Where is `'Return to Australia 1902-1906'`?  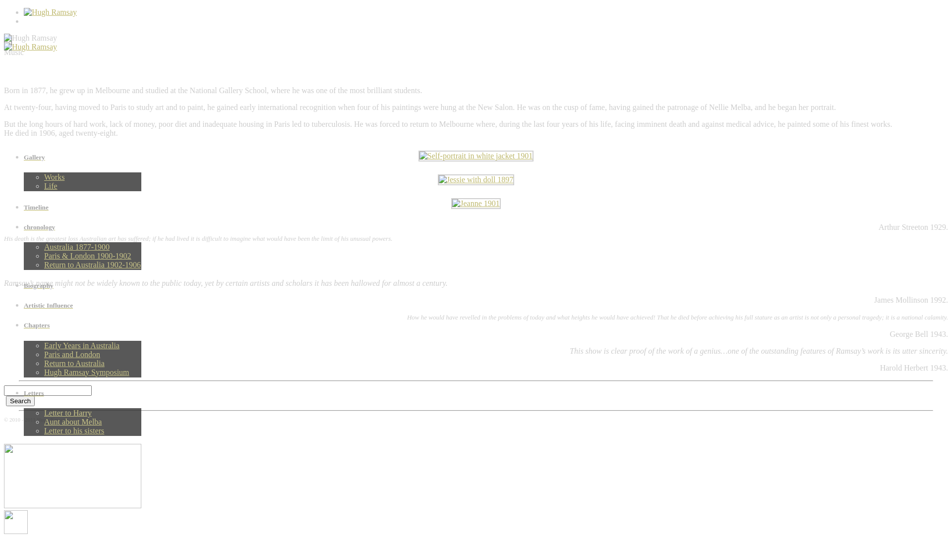 'Return to Australia 1902-1906' is located at coordinates (92, 264).